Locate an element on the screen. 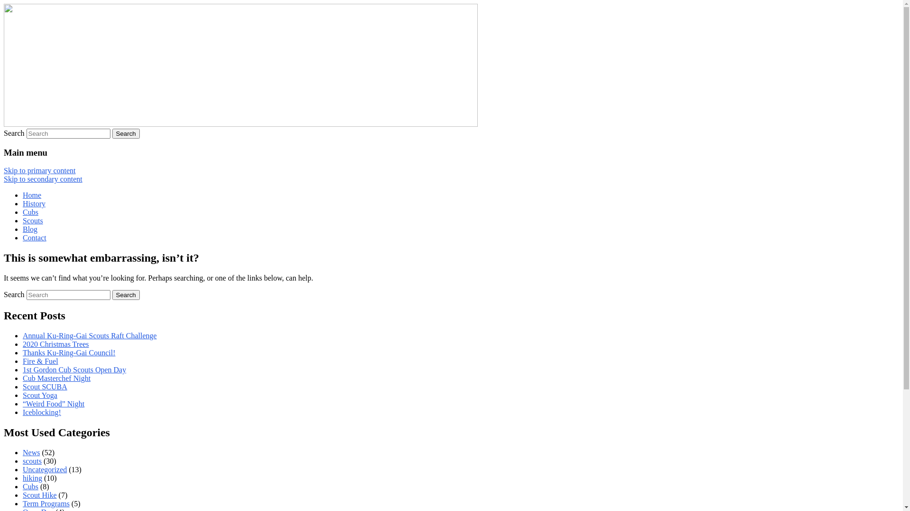 This screenshot has width=910, height=511. 'History' is located at coordinates (23, 203).